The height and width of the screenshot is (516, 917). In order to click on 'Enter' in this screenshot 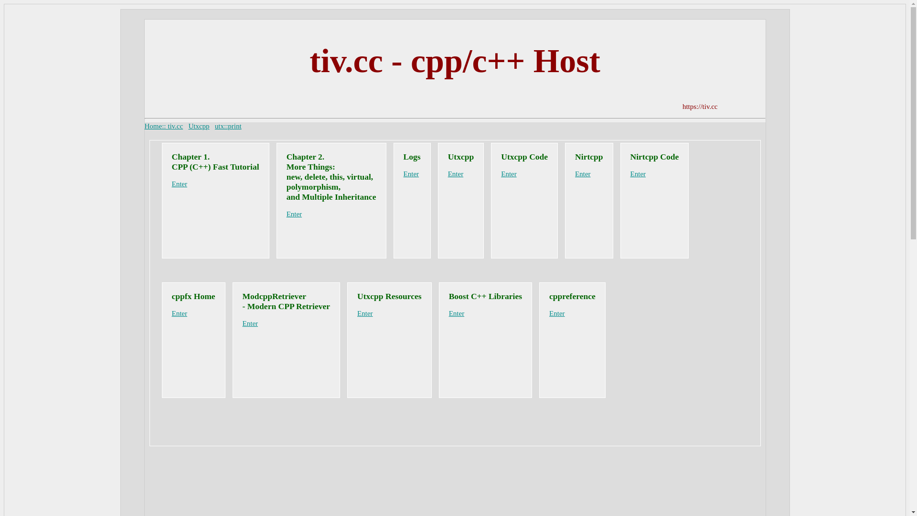, I will do `click(582, 173)`.